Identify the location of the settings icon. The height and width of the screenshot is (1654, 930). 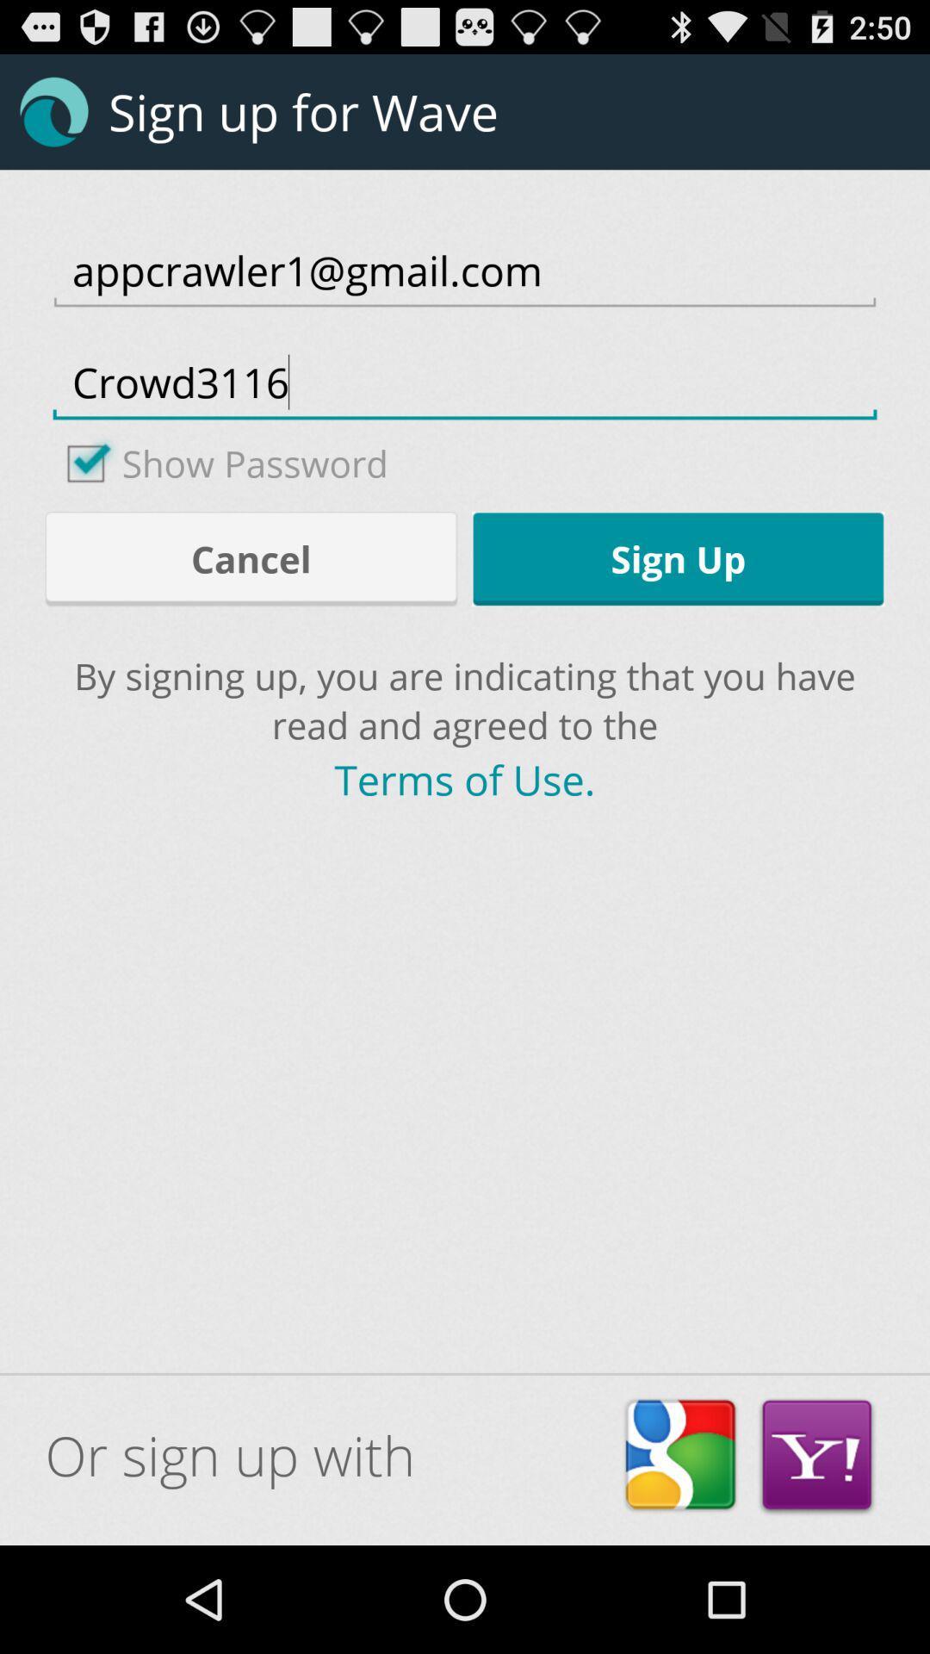
(677, 598).